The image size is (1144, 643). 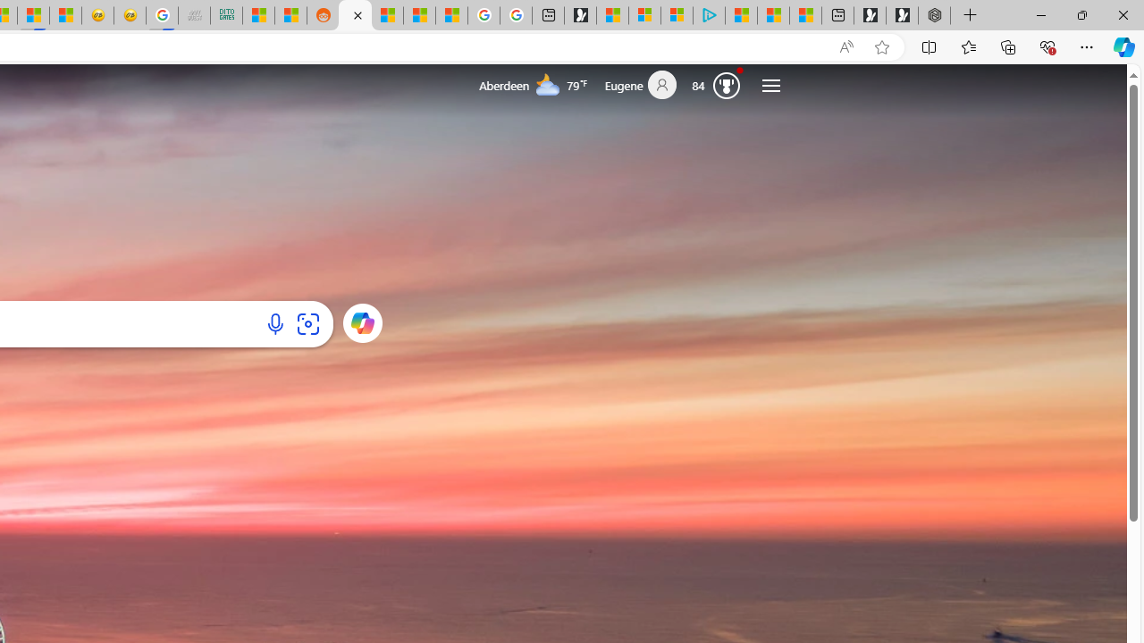 What do you see at coordinates (770, 85) in the screenshot?
I see `'Settings and quick links'` at bounding box center [770, 85].